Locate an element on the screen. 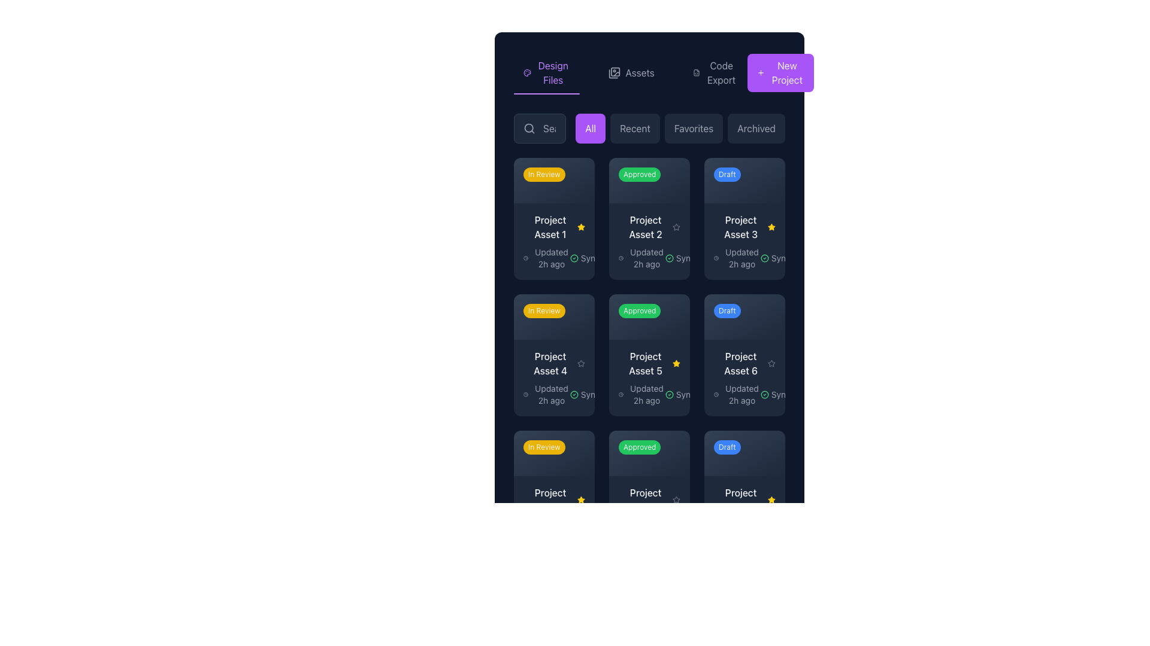  the icon next to the 'Synced' text in the bottom-right corner of the 'Project Asset 2' card to obtain additional information about the sync status is located at coordinates (668, 257).